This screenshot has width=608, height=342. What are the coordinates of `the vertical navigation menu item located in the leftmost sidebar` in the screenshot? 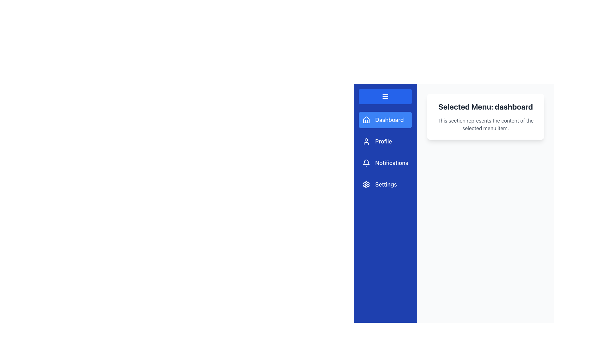 It's located at (385, 152).